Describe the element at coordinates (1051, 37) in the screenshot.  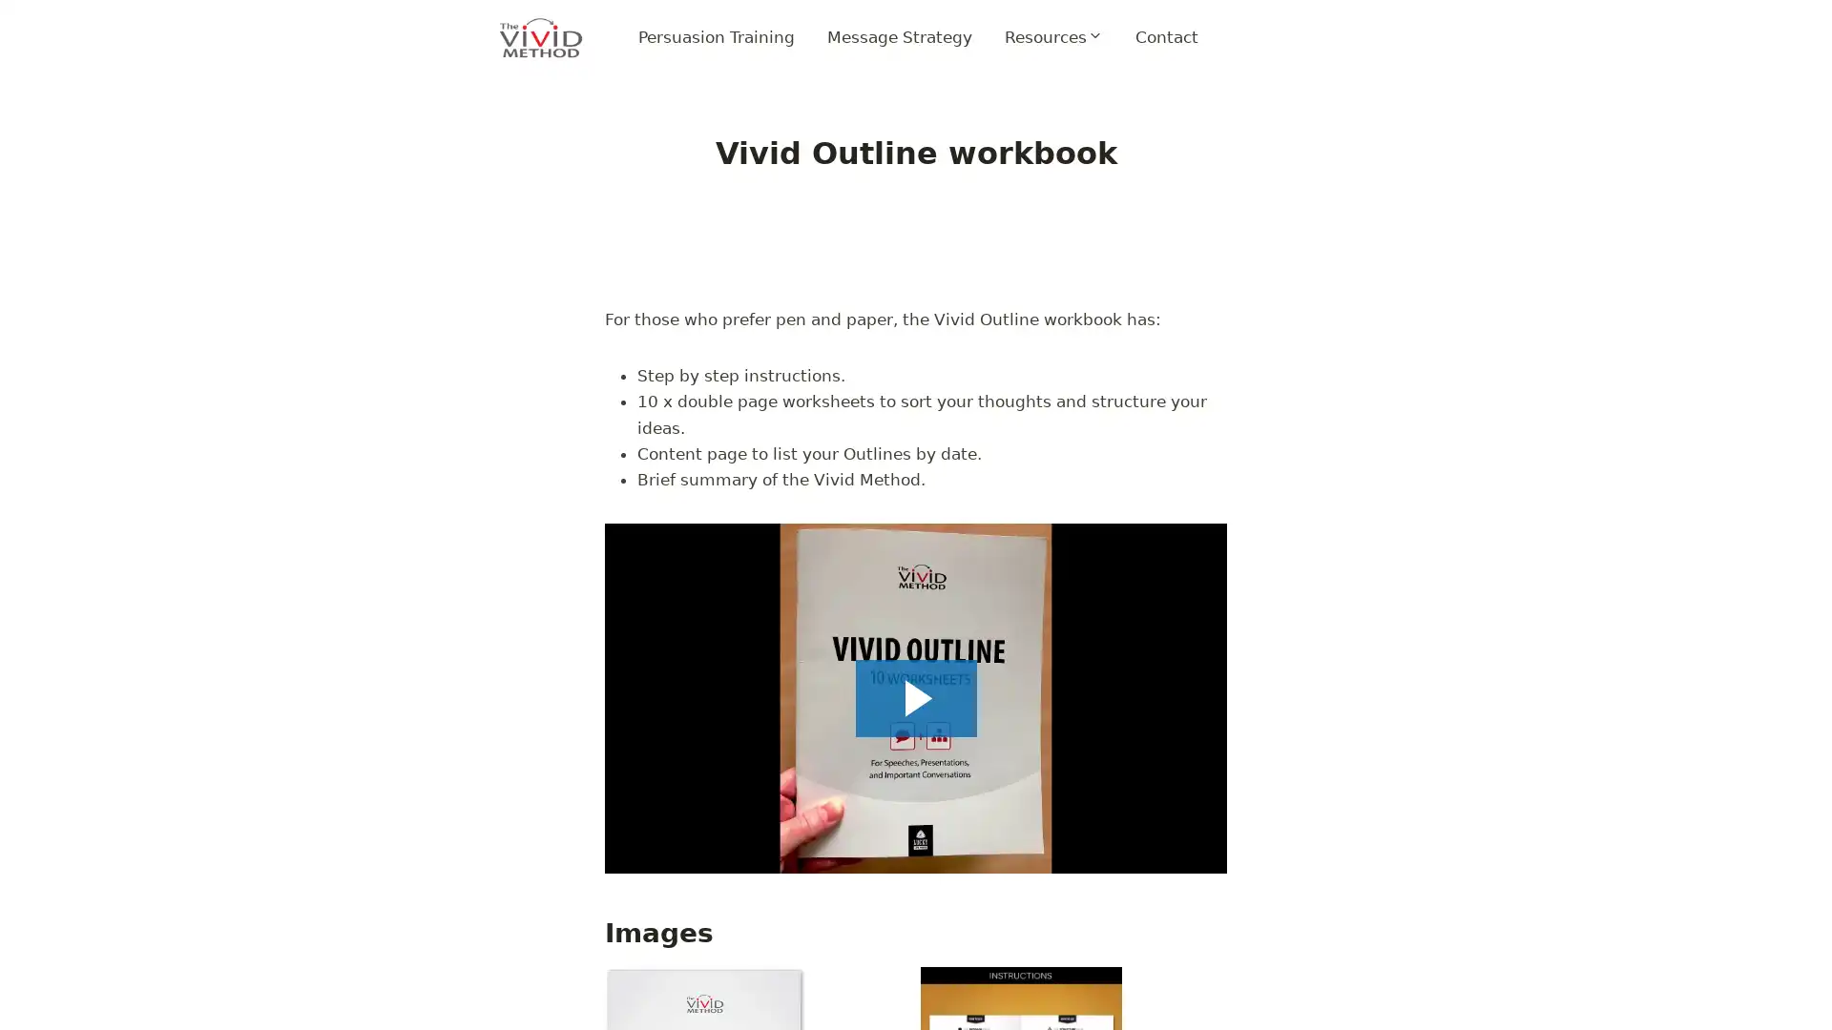
I see `Expand child menu` at that location.